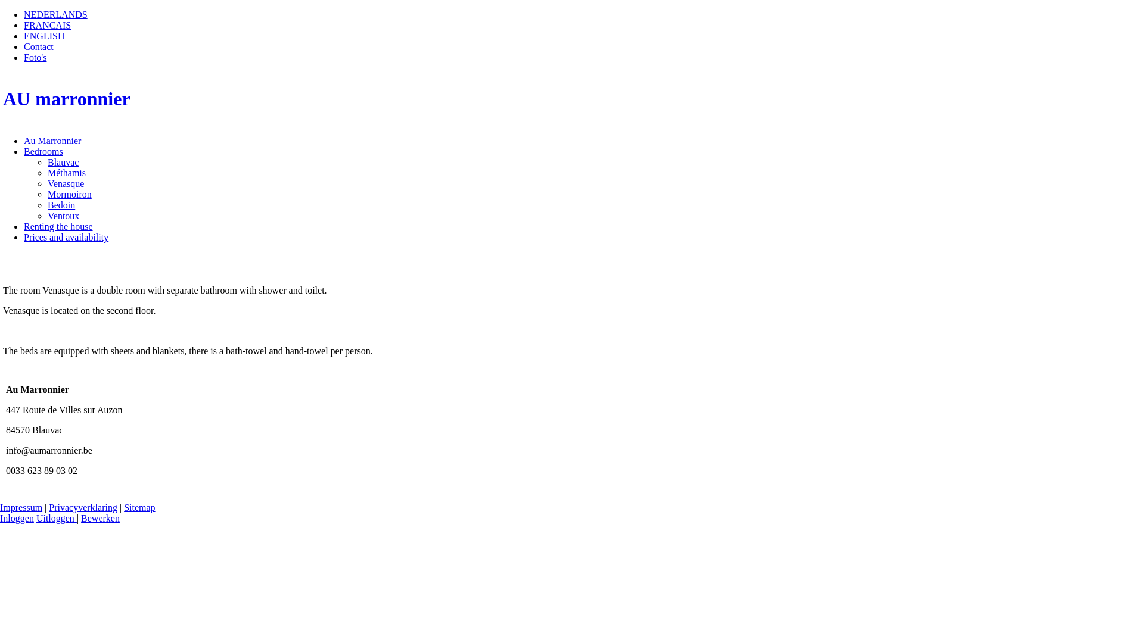 This screenshot has height=643, width=1144. I want to click on 'ENGLISH', so click(43, 35).